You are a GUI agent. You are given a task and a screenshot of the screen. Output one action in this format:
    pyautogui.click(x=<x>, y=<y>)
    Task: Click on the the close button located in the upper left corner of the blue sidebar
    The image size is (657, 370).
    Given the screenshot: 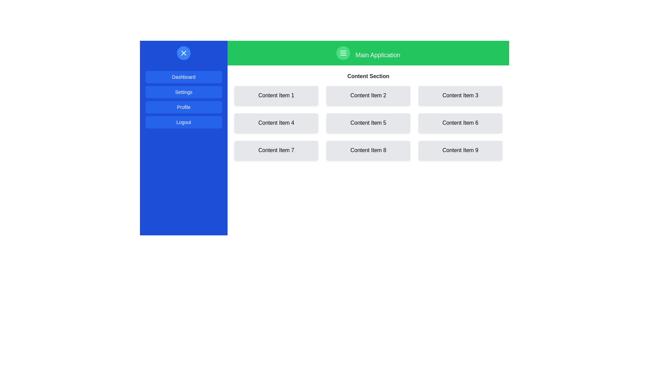 What is the action you would take?
    pyautogui.click(x=184, y=52)
    